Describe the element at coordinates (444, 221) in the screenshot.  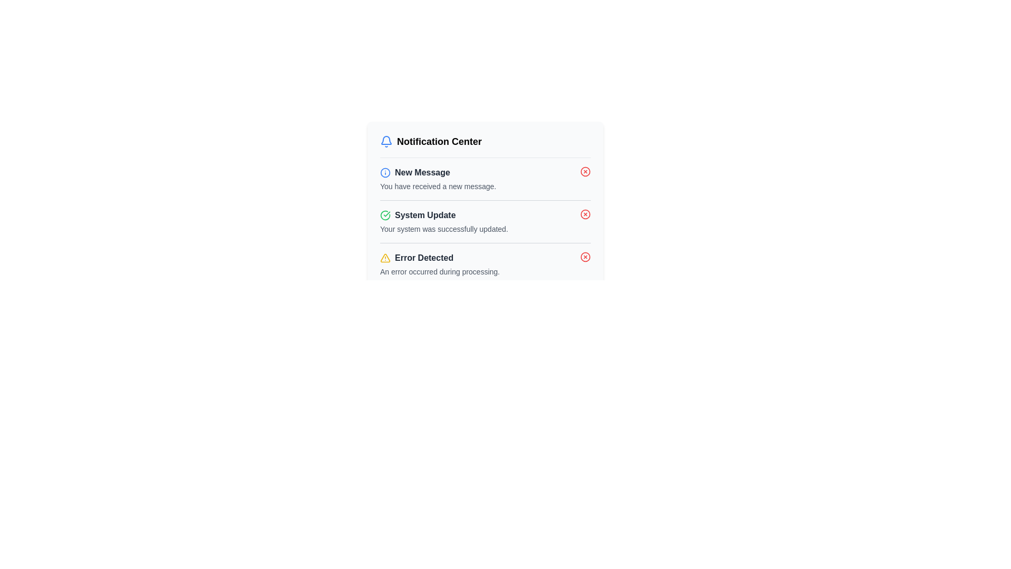
I see `the non-interactive notification element indicating successful completion of a system update, which is the second entry in the notification list under 'Notification Center'` at that location.